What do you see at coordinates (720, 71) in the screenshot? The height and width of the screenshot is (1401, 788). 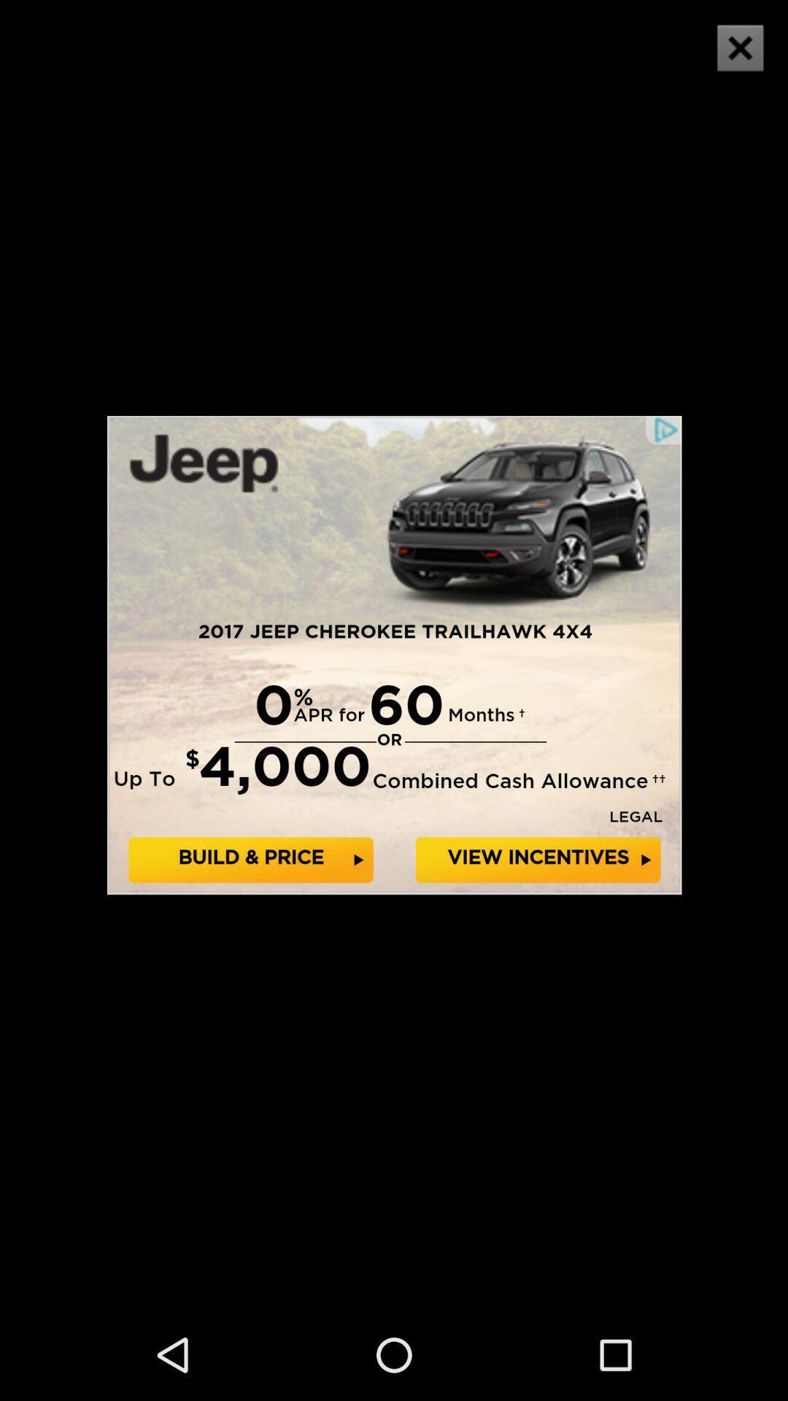 I see `the close icon` at bounding box center [720, 71].